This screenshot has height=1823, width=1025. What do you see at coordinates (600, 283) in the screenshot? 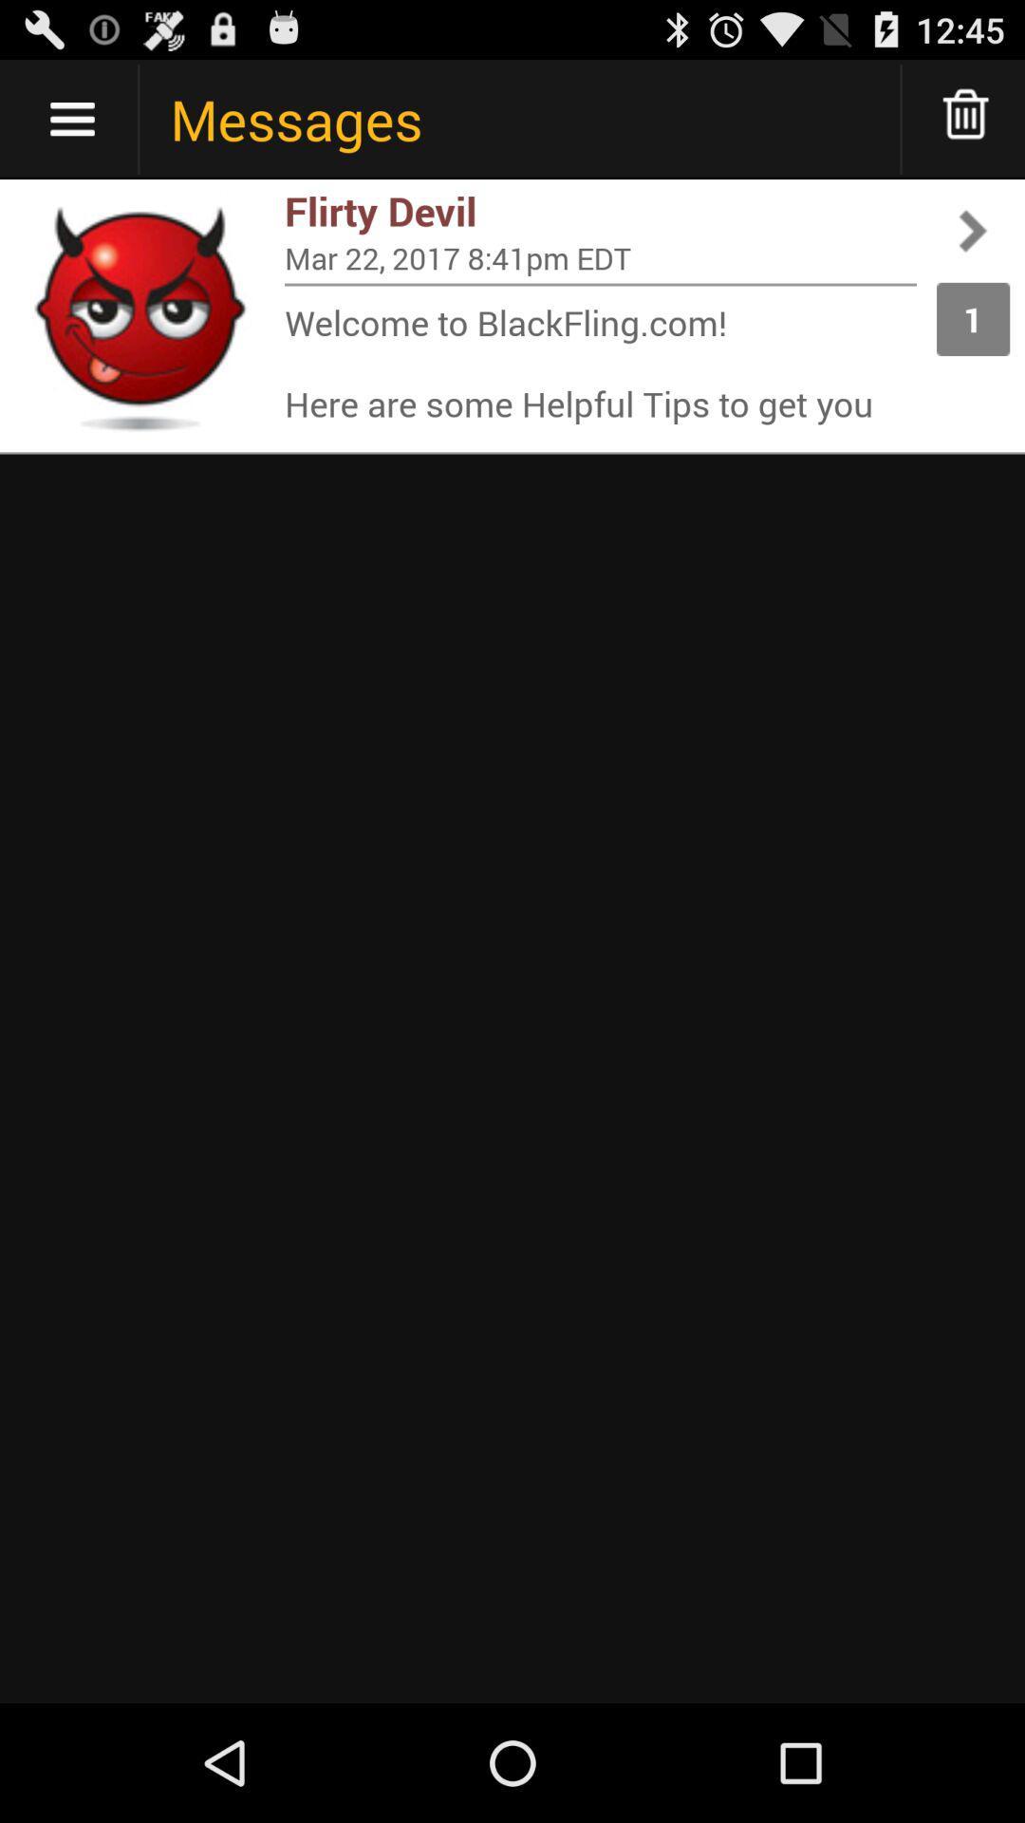
I see `the app below the mar 22 2017 icon` at bounding box center [600, 283].